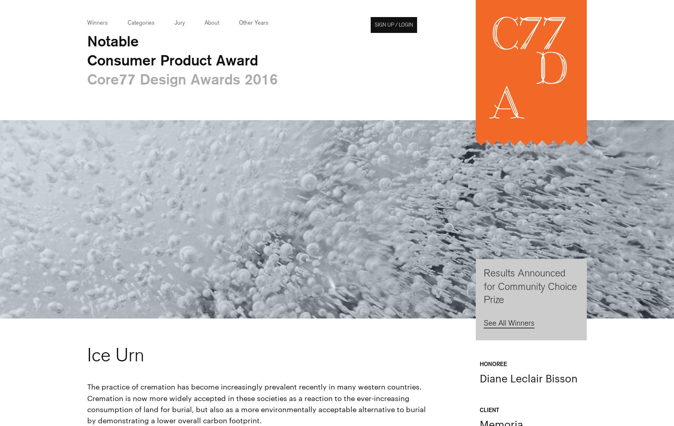  Describe the element at coordinates (116, 354) in the screenshot. I see `'Ice Urn'` at that location.